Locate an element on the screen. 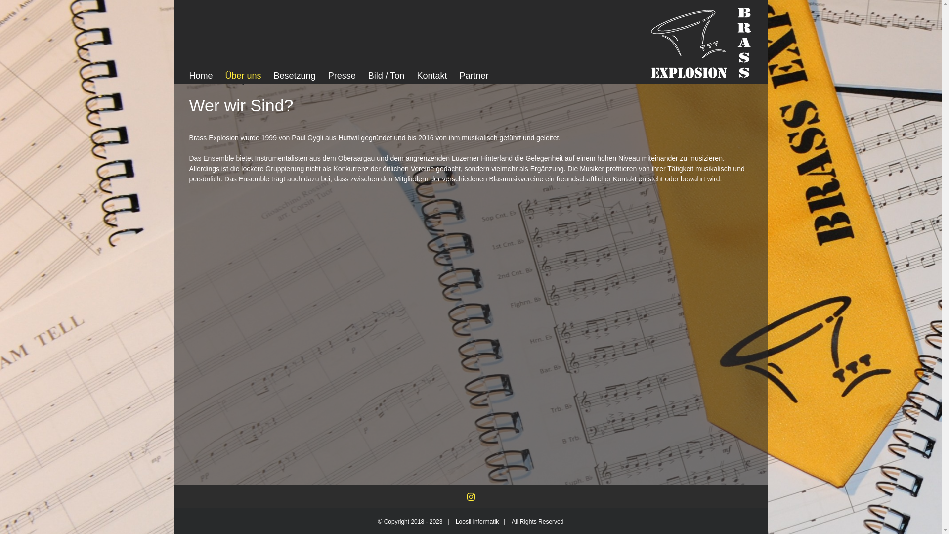  'Partner' is located at coordinates (473, 75).